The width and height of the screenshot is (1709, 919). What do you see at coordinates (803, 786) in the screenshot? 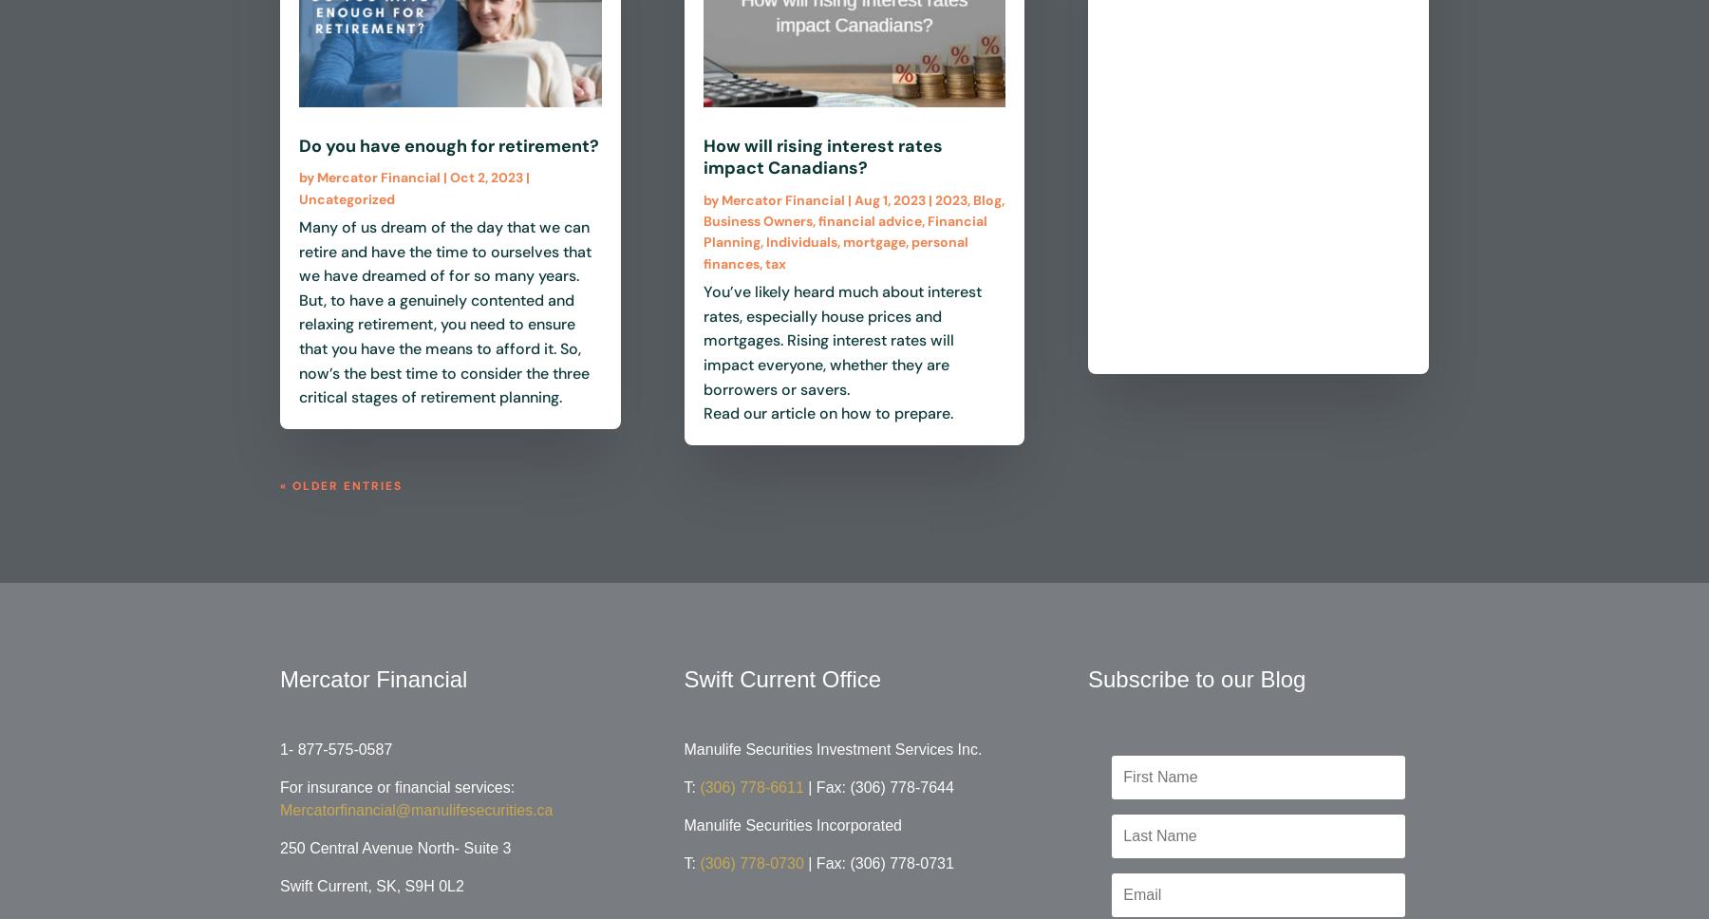
I see `'| Fax: (306) 778-7644'` at bounding box center [803, 786].